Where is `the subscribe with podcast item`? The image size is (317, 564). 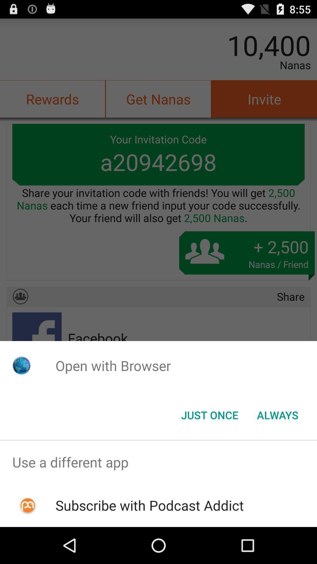 the subscribe with podcast item is located at coordinates (149, 505).